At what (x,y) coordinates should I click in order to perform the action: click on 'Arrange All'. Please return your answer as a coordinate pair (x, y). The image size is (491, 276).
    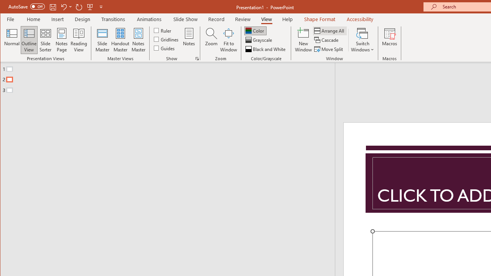
    Looking at the image, I should click on (330, 30).